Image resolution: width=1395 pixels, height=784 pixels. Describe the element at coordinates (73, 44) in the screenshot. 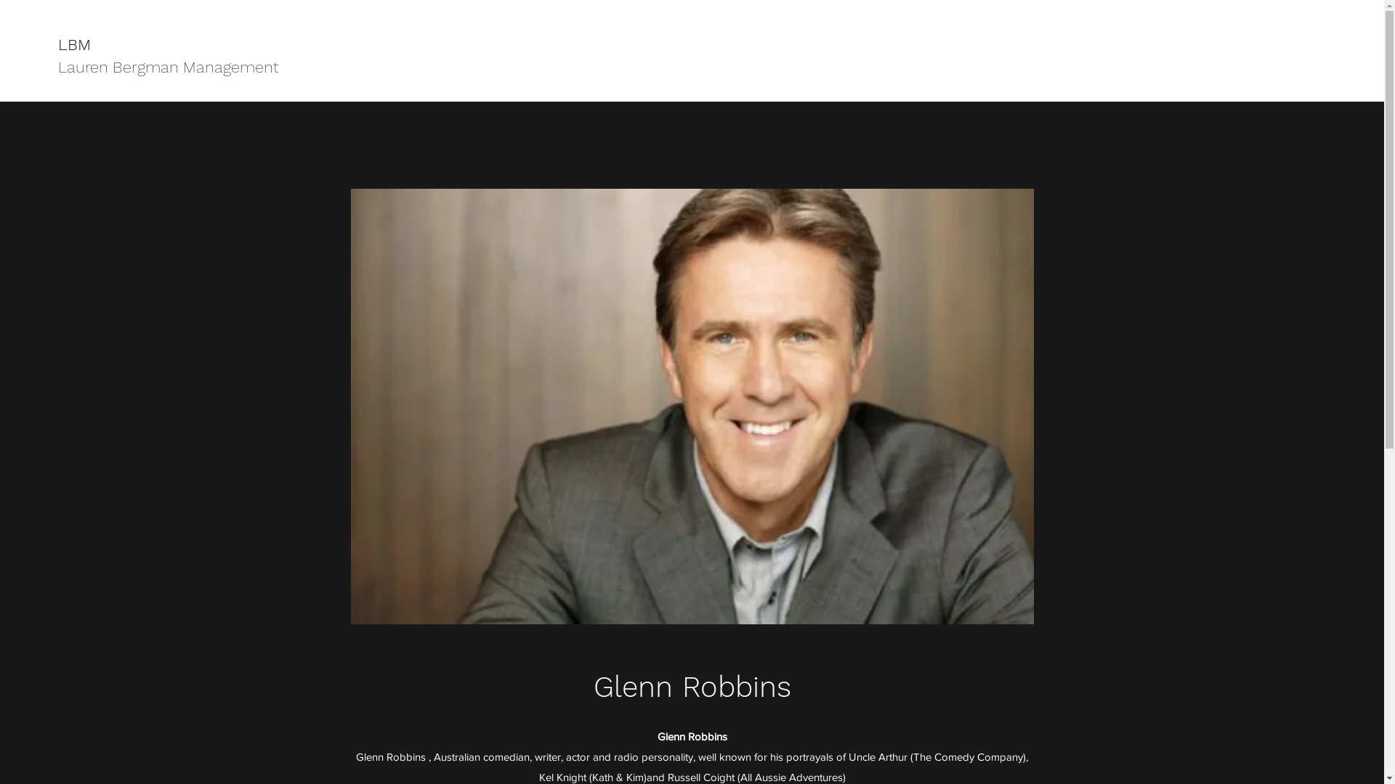

I see `'LBM'` at that location.